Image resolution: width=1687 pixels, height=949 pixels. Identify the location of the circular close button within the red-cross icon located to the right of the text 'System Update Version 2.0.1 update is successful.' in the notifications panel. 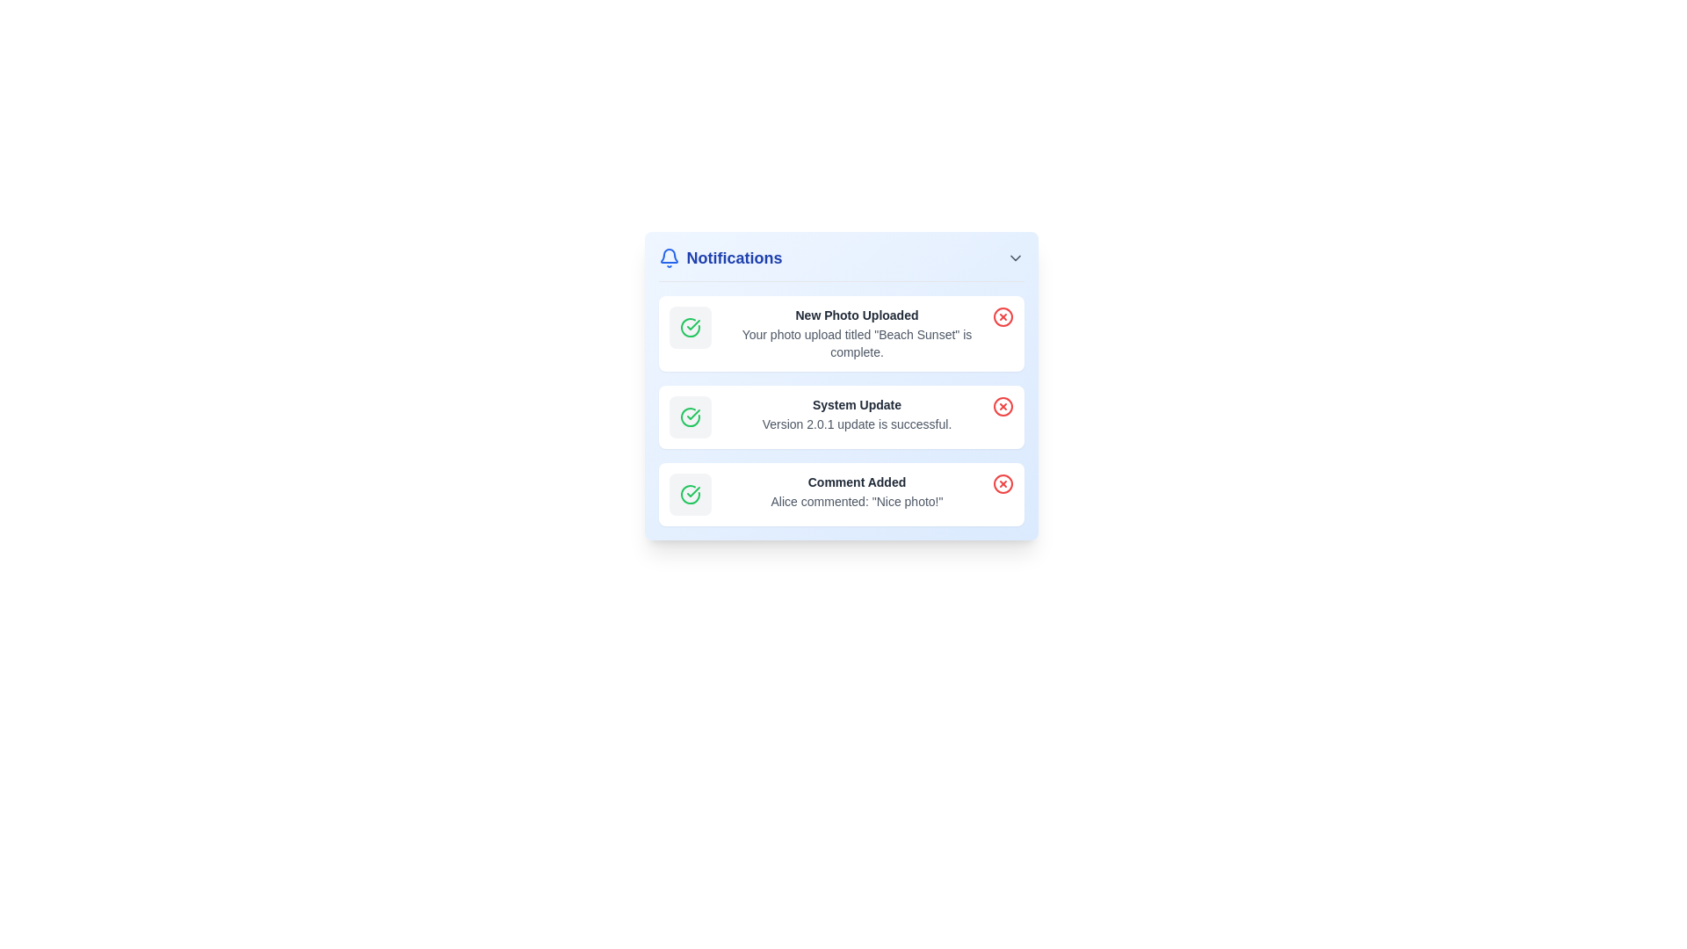
(1003, 406).